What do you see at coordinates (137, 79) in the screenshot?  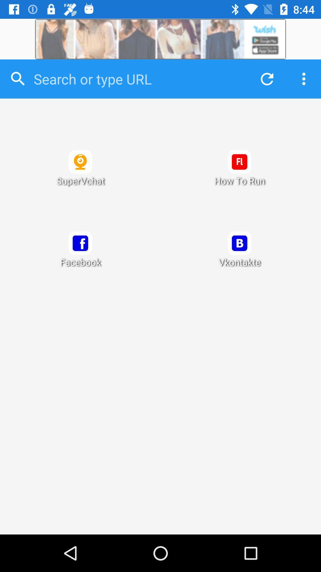 I see `search box` at bounding box center [137, 79].